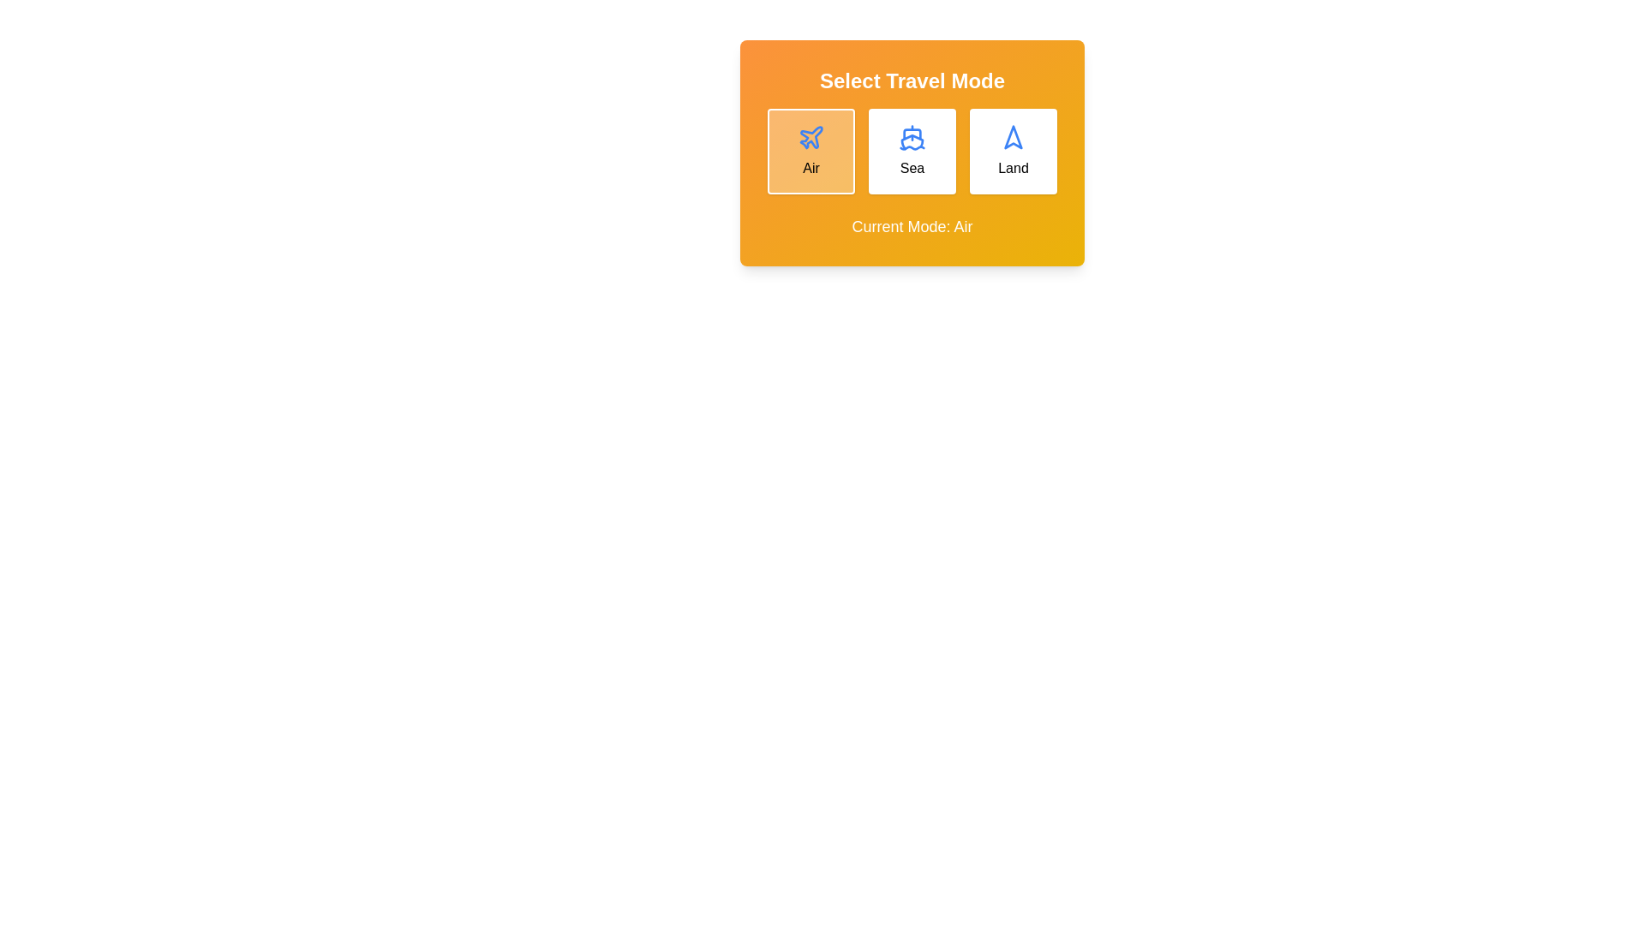 The image size is (1645, 925). I want to click on the travel mode button corresponding to Land, so click(1013, 151).